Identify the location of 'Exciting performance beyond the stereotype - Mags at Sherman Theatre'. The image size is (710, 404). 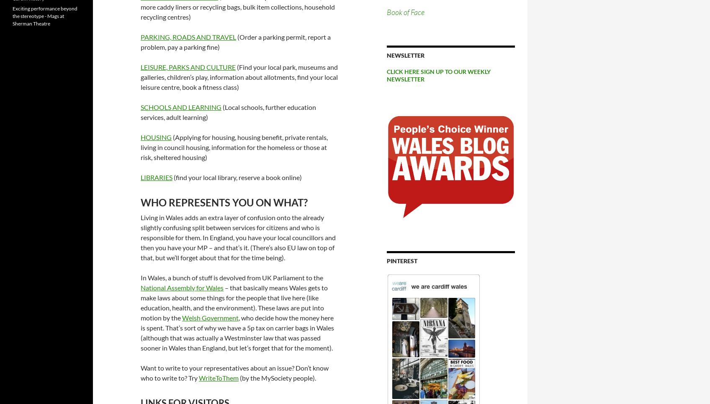
(44, 15).